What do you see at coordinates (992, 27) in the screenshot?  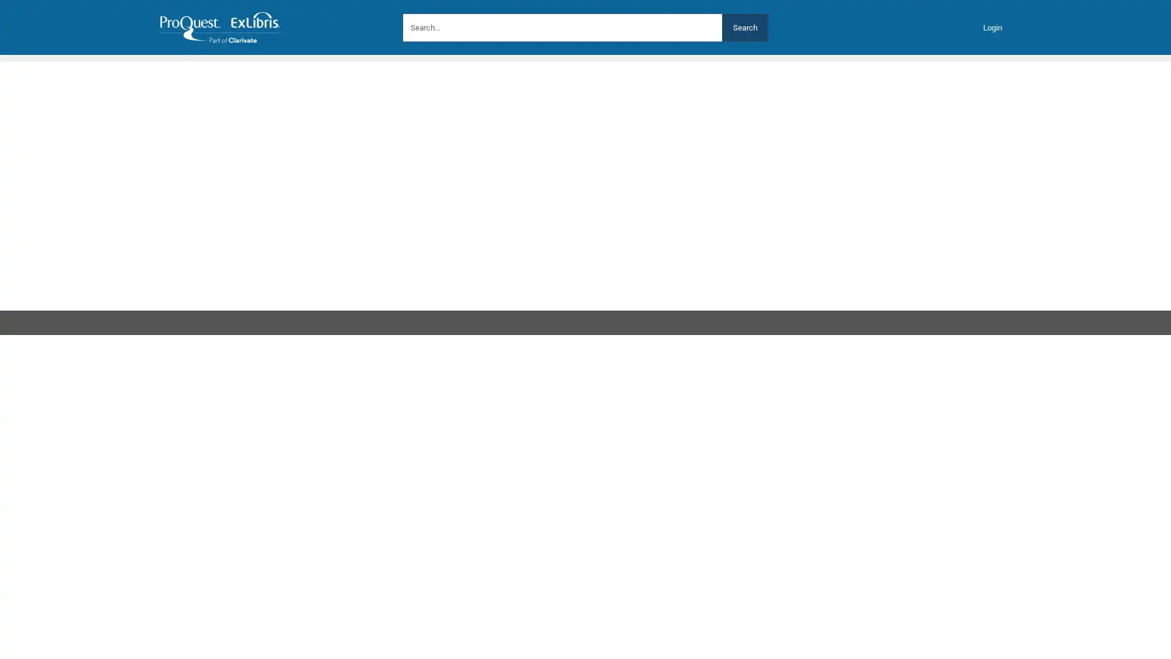 I see `Login` at bounding box center [992, 27].